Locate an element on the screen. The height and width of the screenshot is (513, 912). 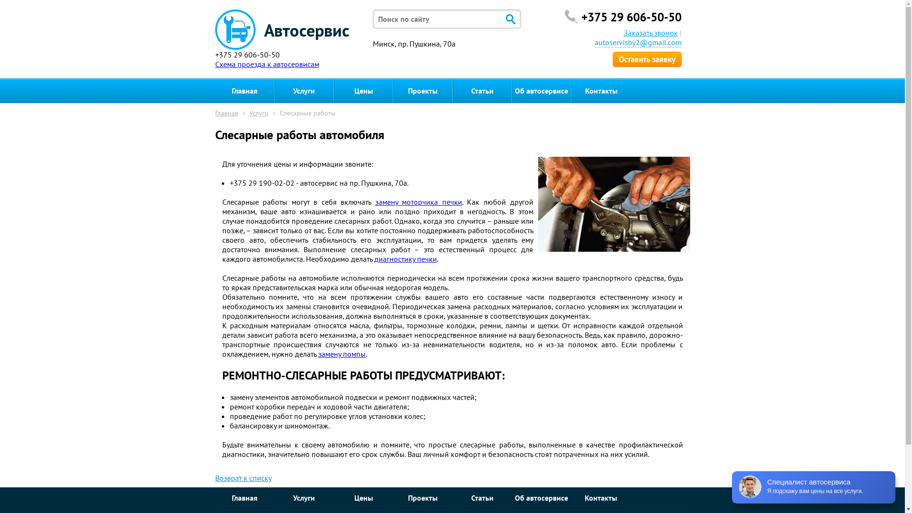
'autoservisby2@gmail.com' is located at coordinates (638, 42).